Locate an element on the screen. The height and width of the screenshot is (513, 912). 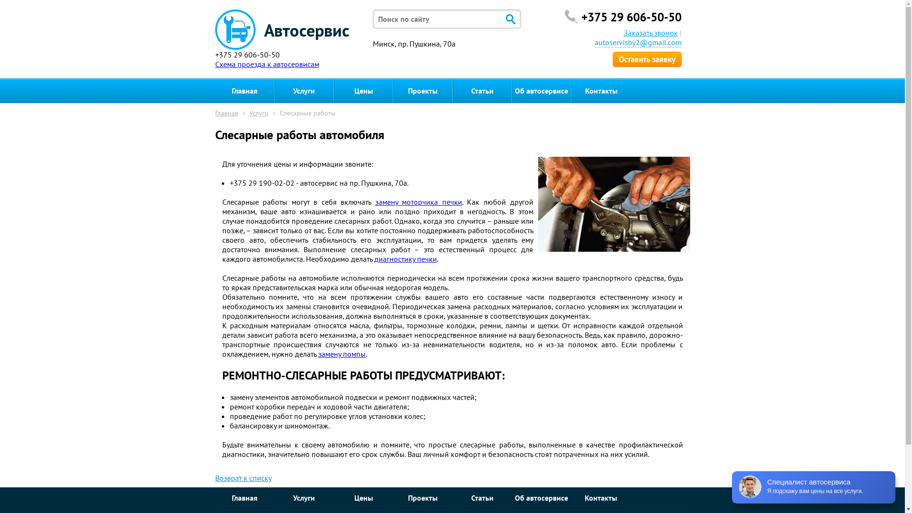
'autoservisby2@gmail.com' is located at coordinates (638, 42).